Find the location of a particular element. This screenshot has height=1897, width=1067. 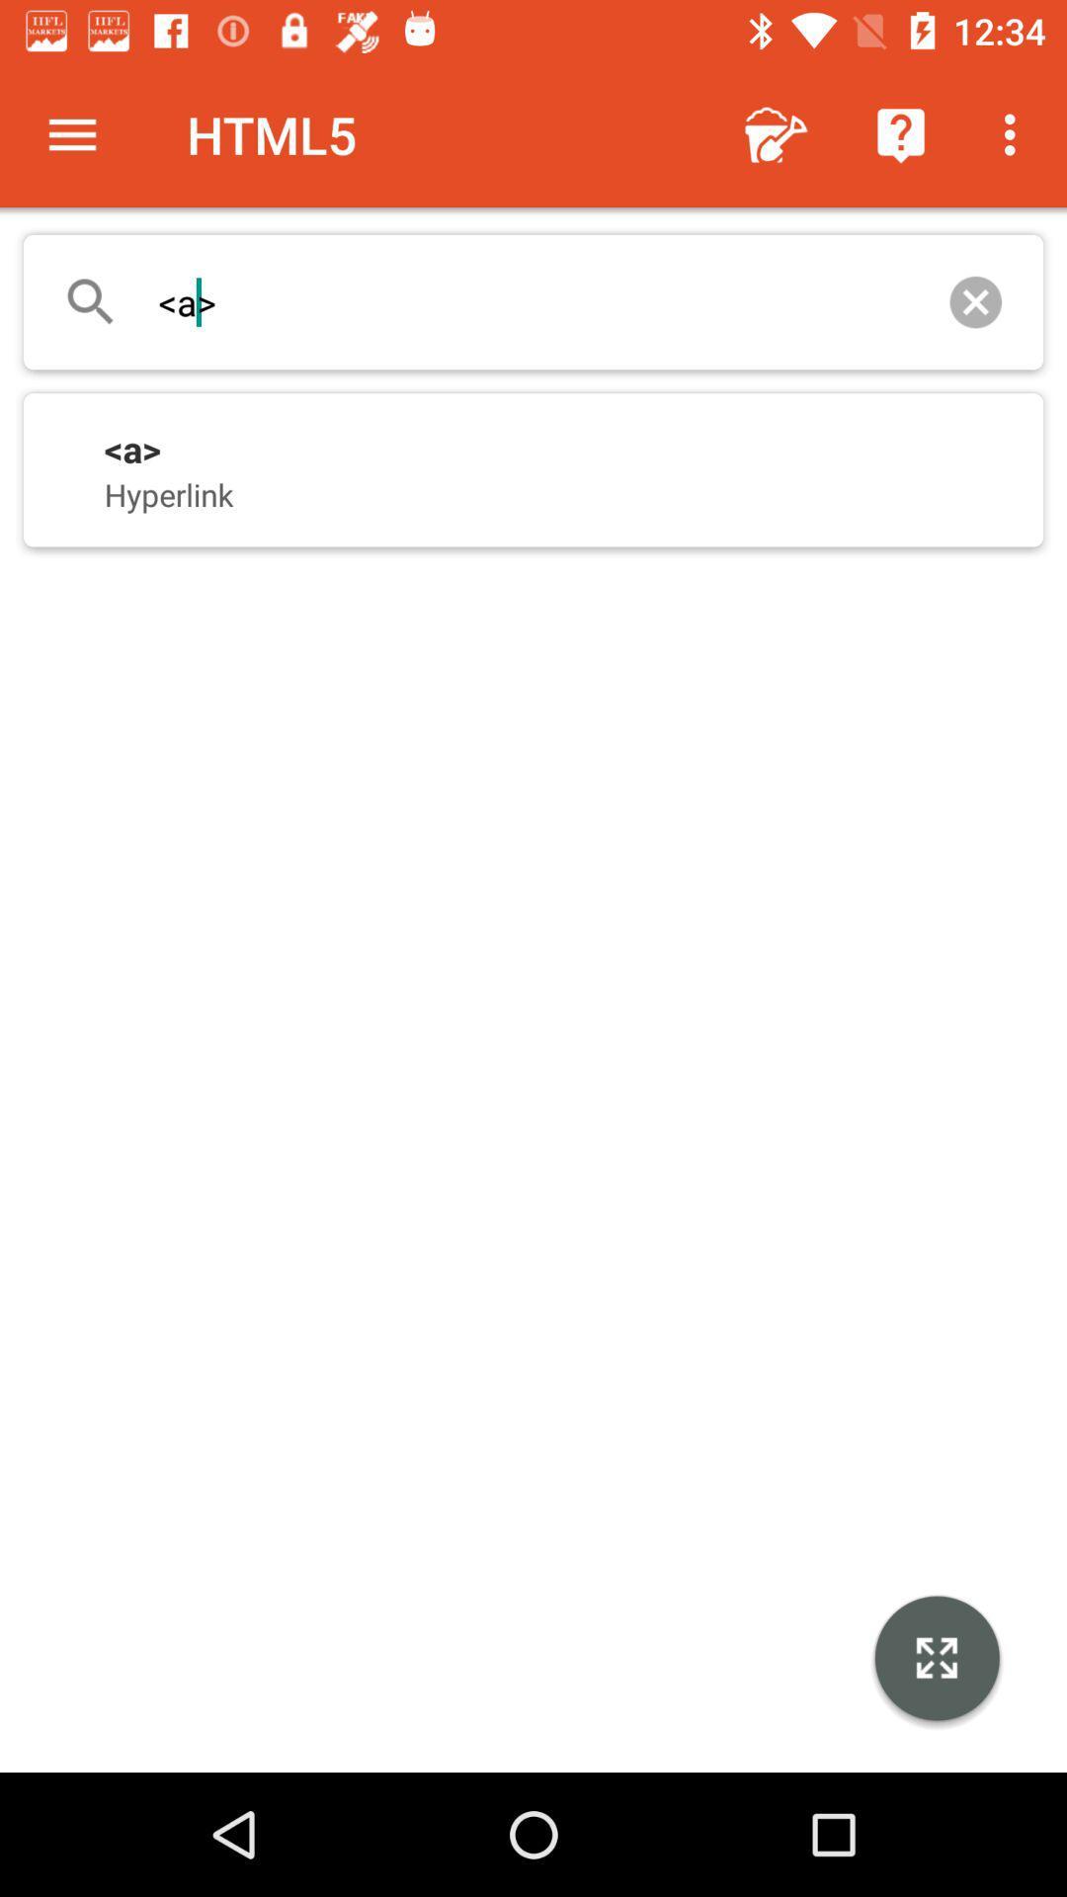

the item to the right of the <a> item is located at coordinates (974, 301).